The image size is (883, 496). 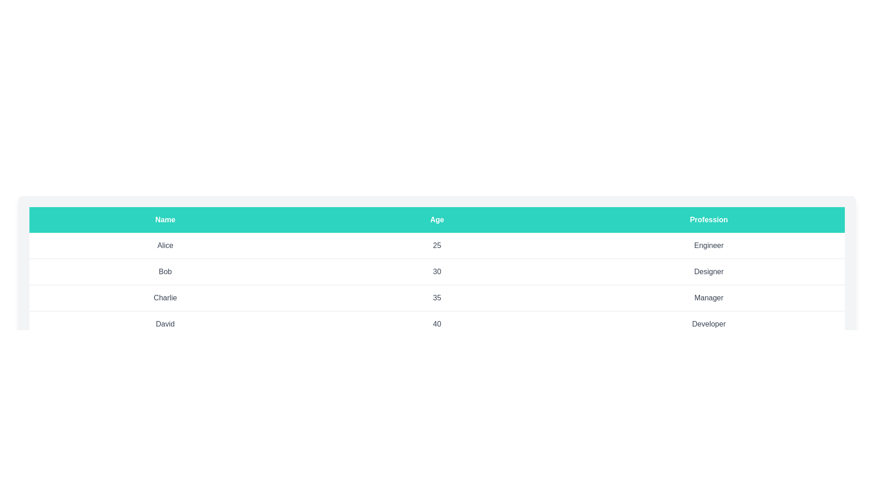 What do you see at coordinates (436, 271) in the screenshot?
I see `the text element in the second row of the table that contains information about the individual named 'Bob', including his age '30' and profession 'Designer'` at bounding box center [436, 271].